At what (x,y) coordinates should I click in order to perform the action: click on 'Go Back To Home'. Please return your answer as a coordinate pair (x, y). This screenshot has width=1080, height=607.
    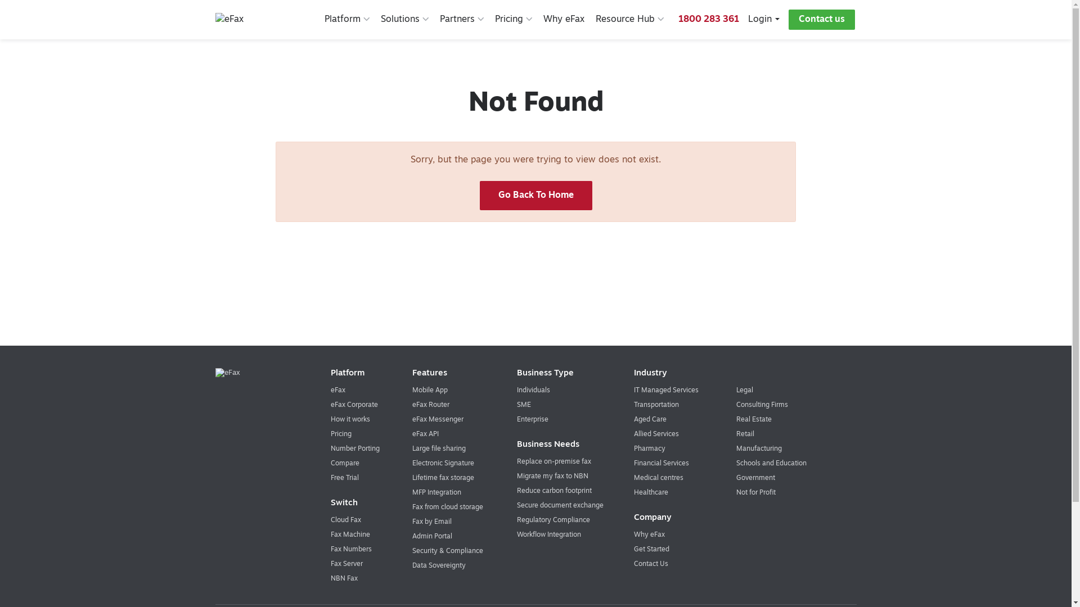
    Looking at the image, I should click on (479, 194).